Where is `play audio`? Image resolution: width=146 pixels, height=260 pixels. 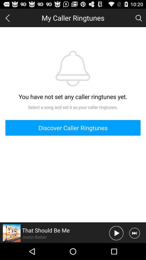
play audio is located at coordinates (116, 233).